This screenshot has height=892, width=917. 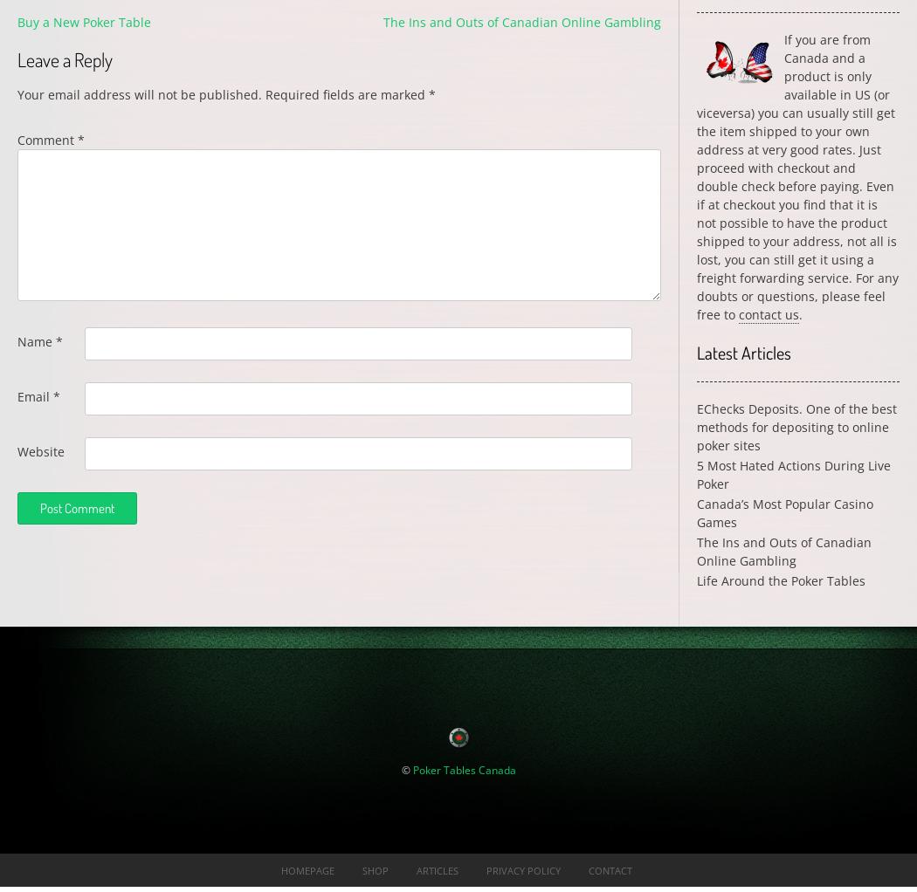 What do you see at coordinates (374, 869) in the screenshot?
I see `'Shop'` at bounding box center [374, 869].